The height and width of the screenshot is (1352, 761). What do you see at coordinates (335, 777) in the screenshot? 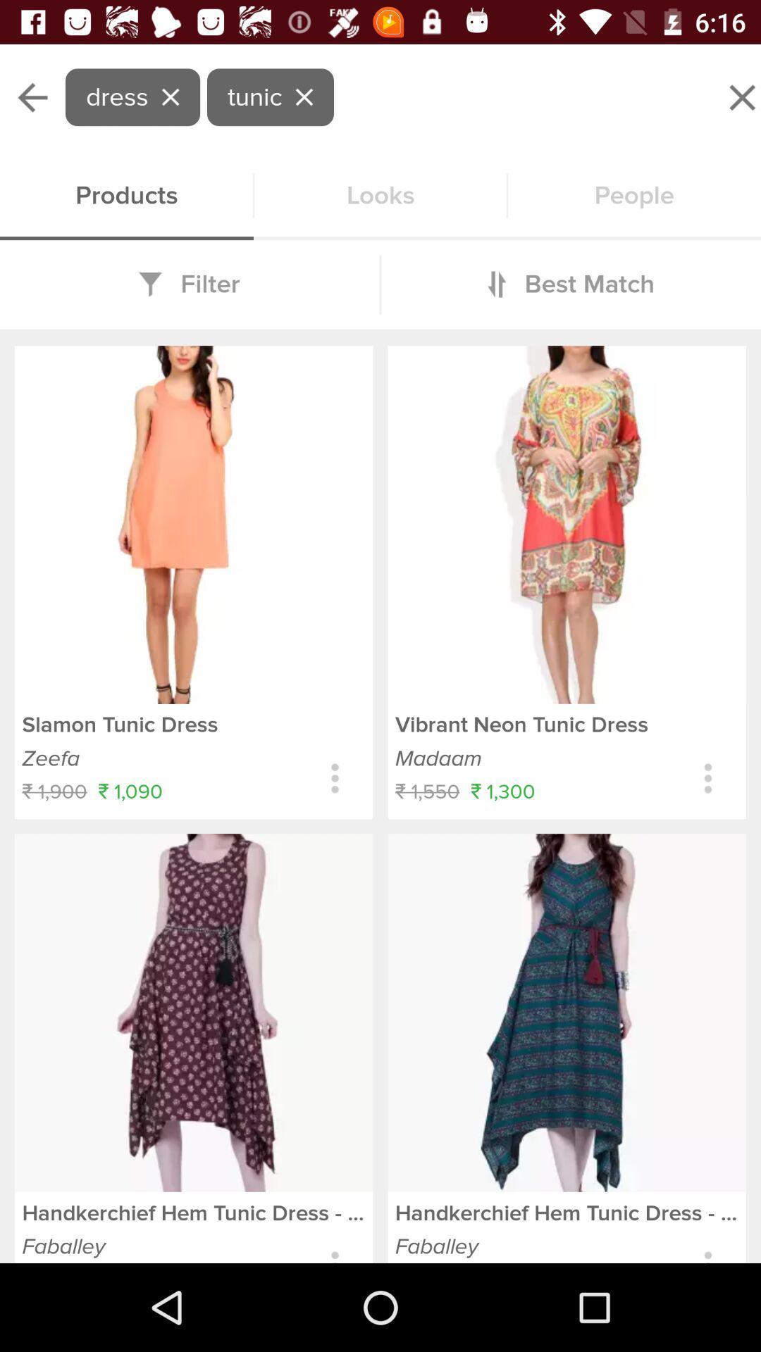
I see `choose options` at bounding box center [335, 777].